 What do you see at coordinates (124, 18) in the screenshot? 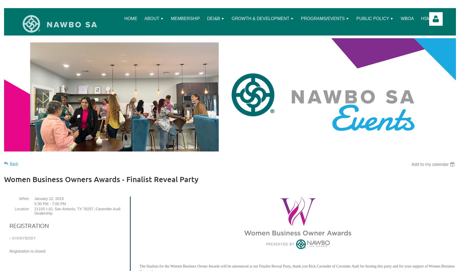
I see `'Home'` at bounding box center [124, 18].